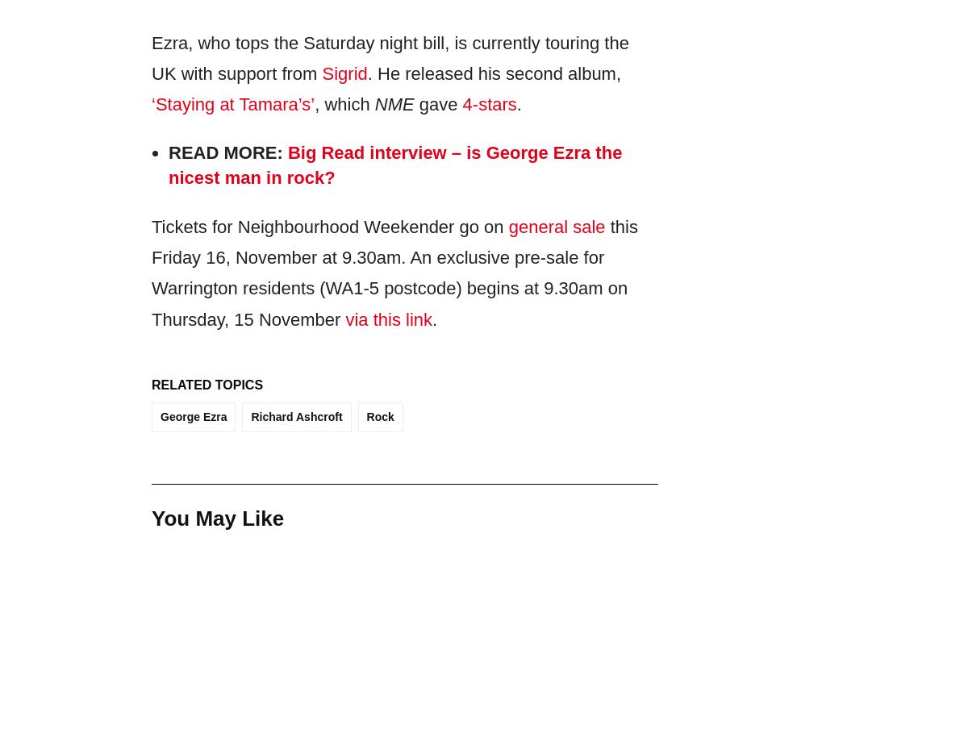 The height and width of the screenshot is (733, 968). What do you see at coordinates (393, 104) in the screenshot?
I see `'NME'` at bounding box center [393, 104].